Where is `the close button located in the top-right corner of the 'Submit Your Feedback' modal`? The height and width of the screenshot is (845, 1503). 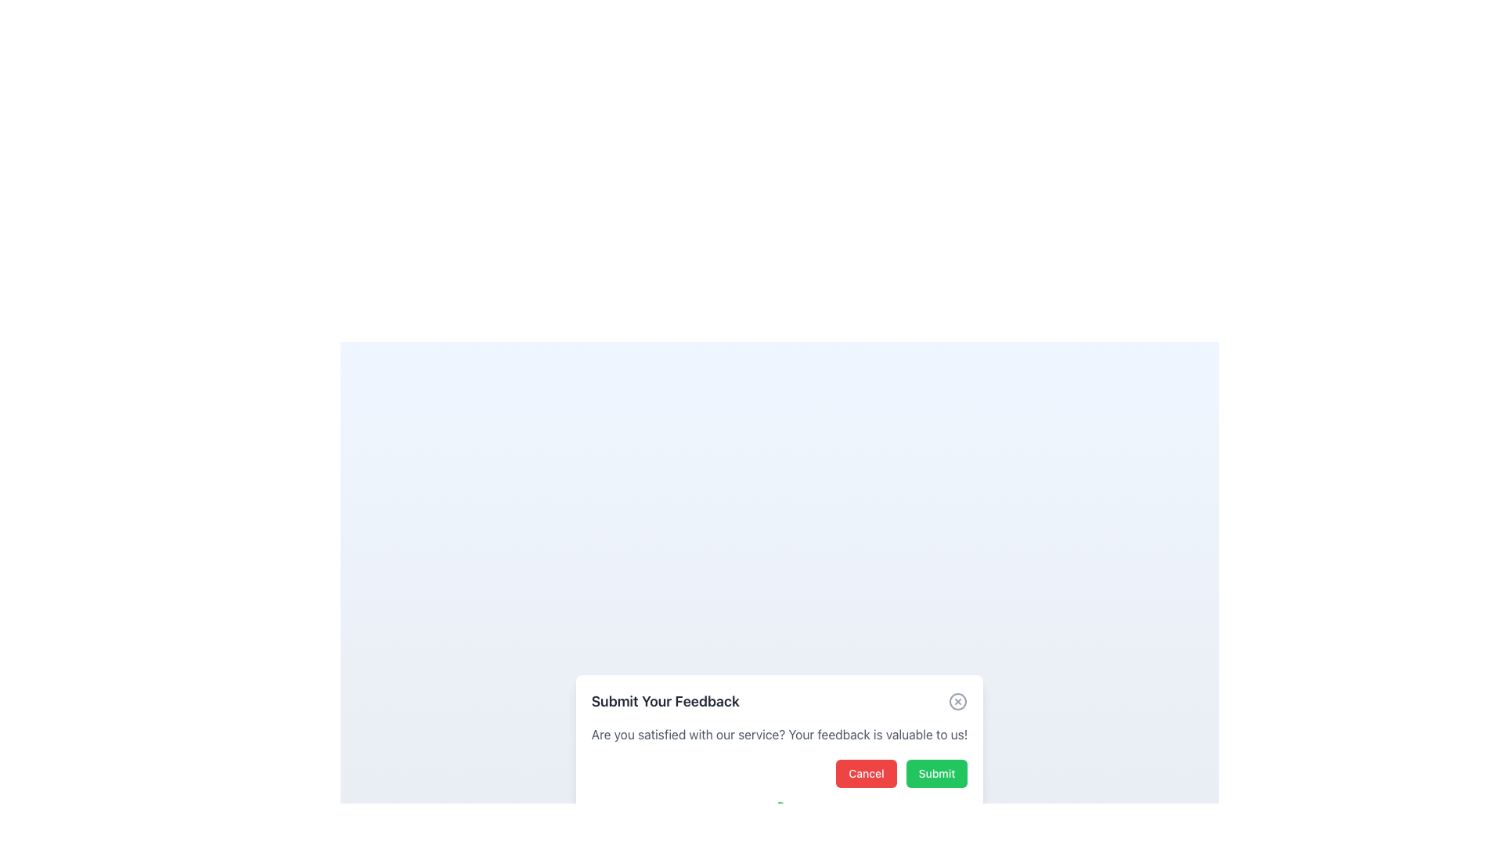
the close button located in the top-right corner of the 'Submit Your Feedback' modal is located at coordinates (957, 701).